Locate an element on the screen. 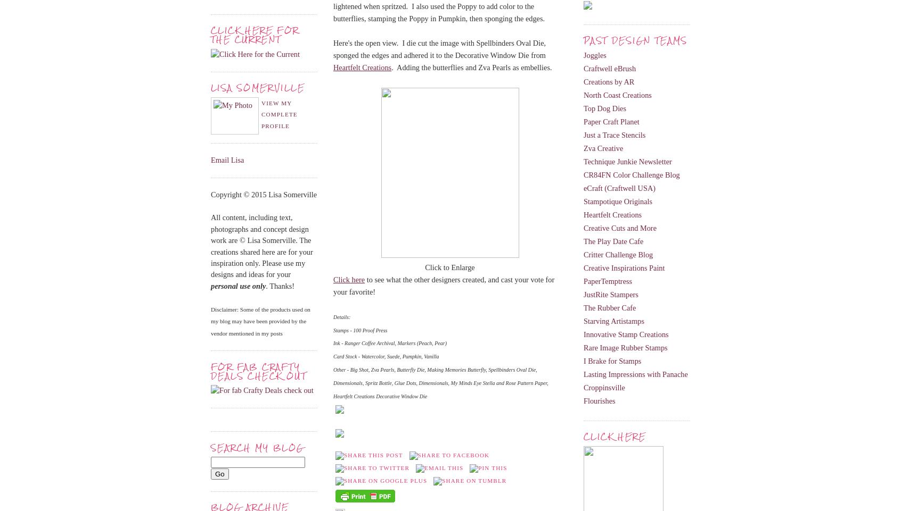  'personal use only' is located at coordinates (237, 285).